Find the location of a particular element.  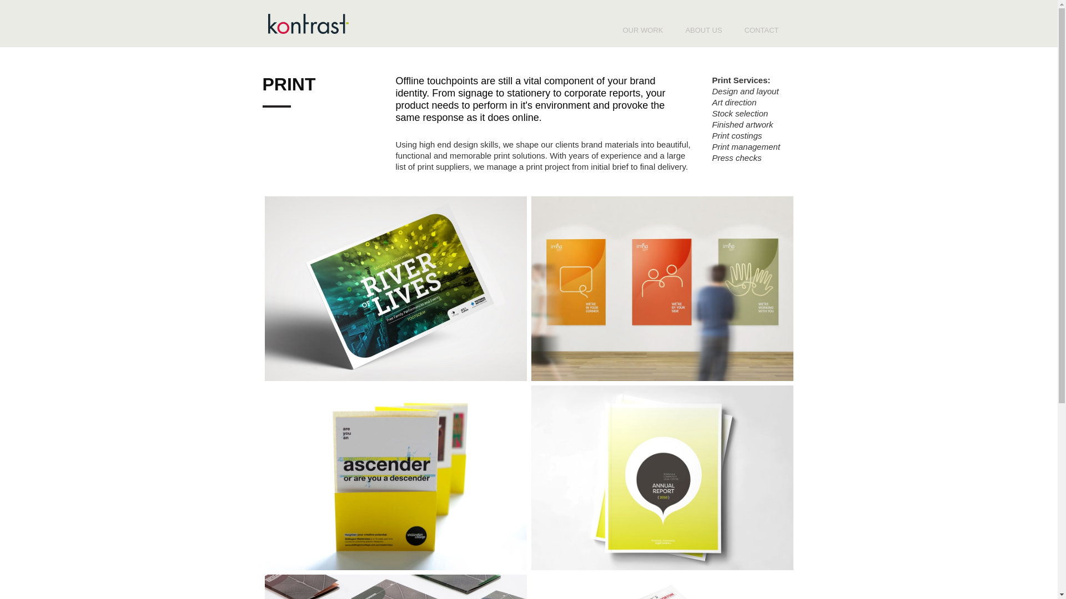

'OUR WORK' is located at coordinates (610, 29).